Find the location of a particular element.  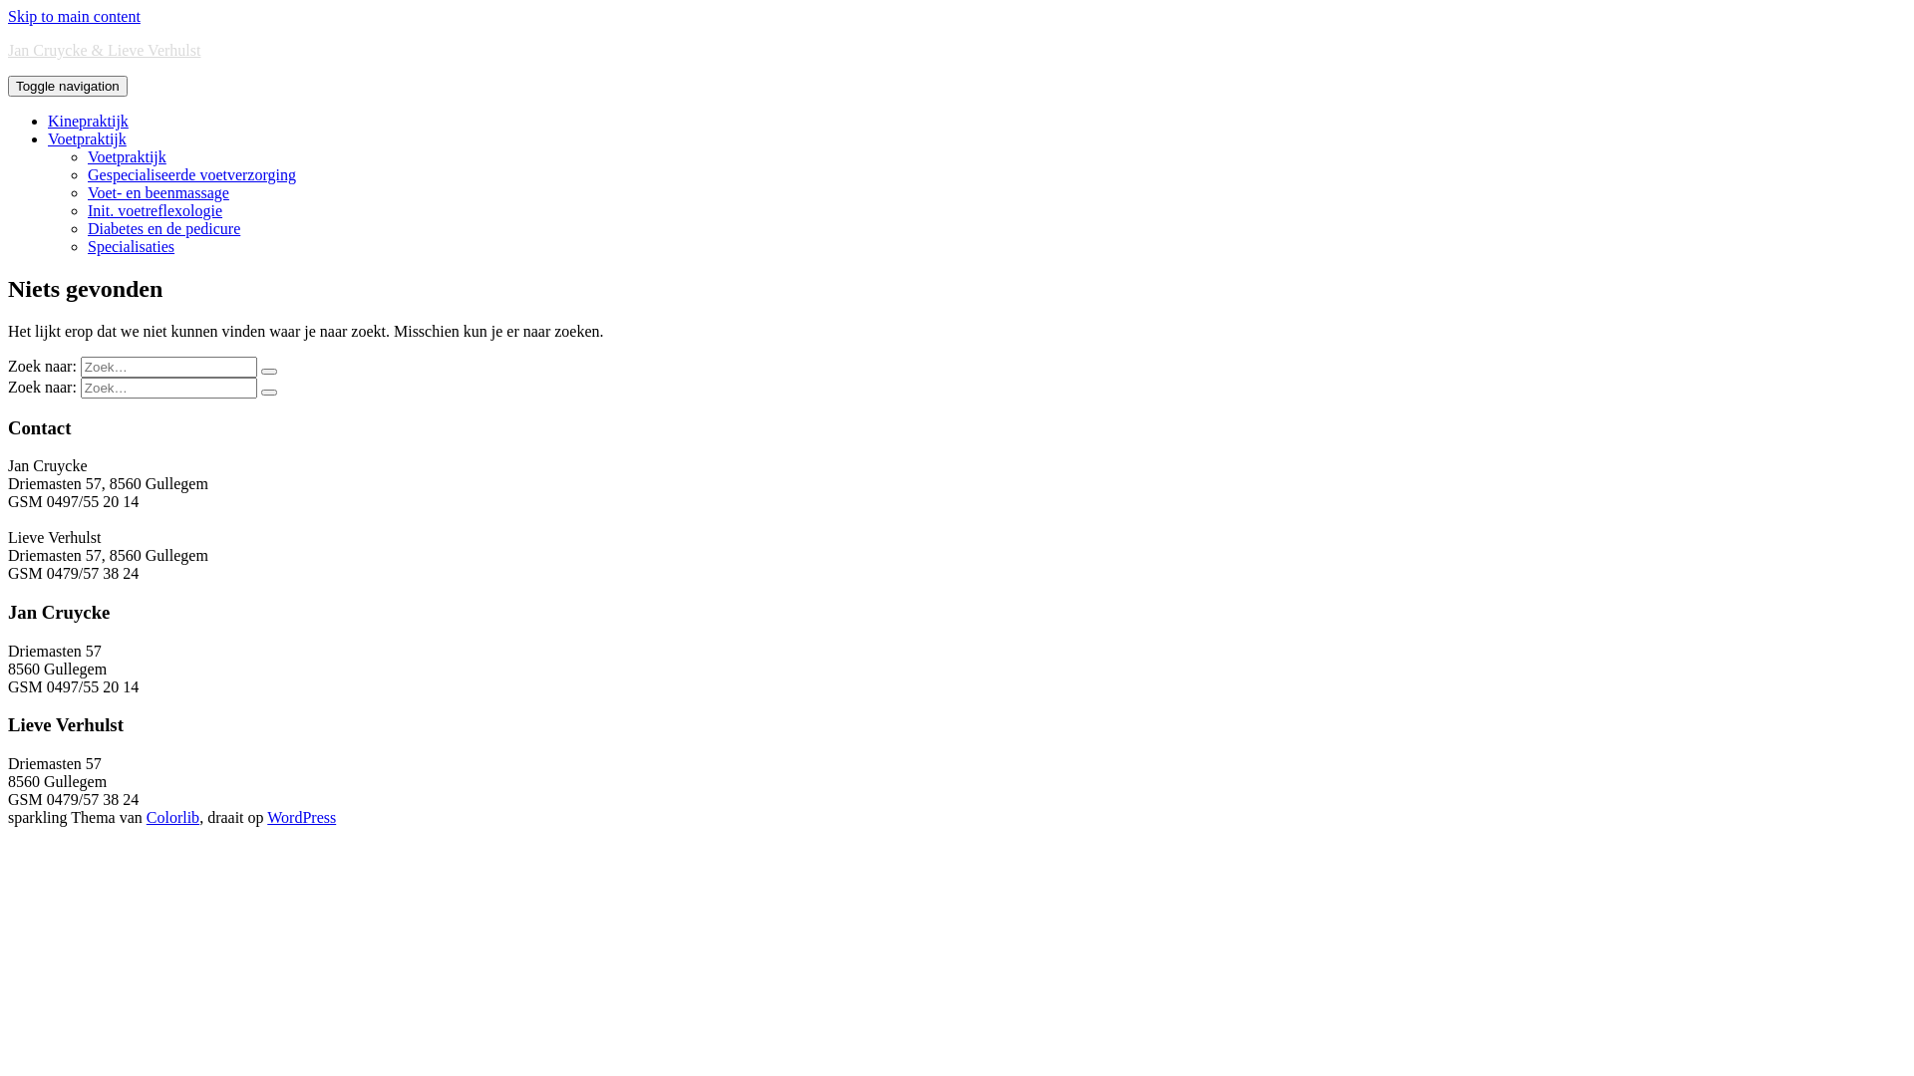

'Voetpraktijk' is located at coordinates (86, 137).